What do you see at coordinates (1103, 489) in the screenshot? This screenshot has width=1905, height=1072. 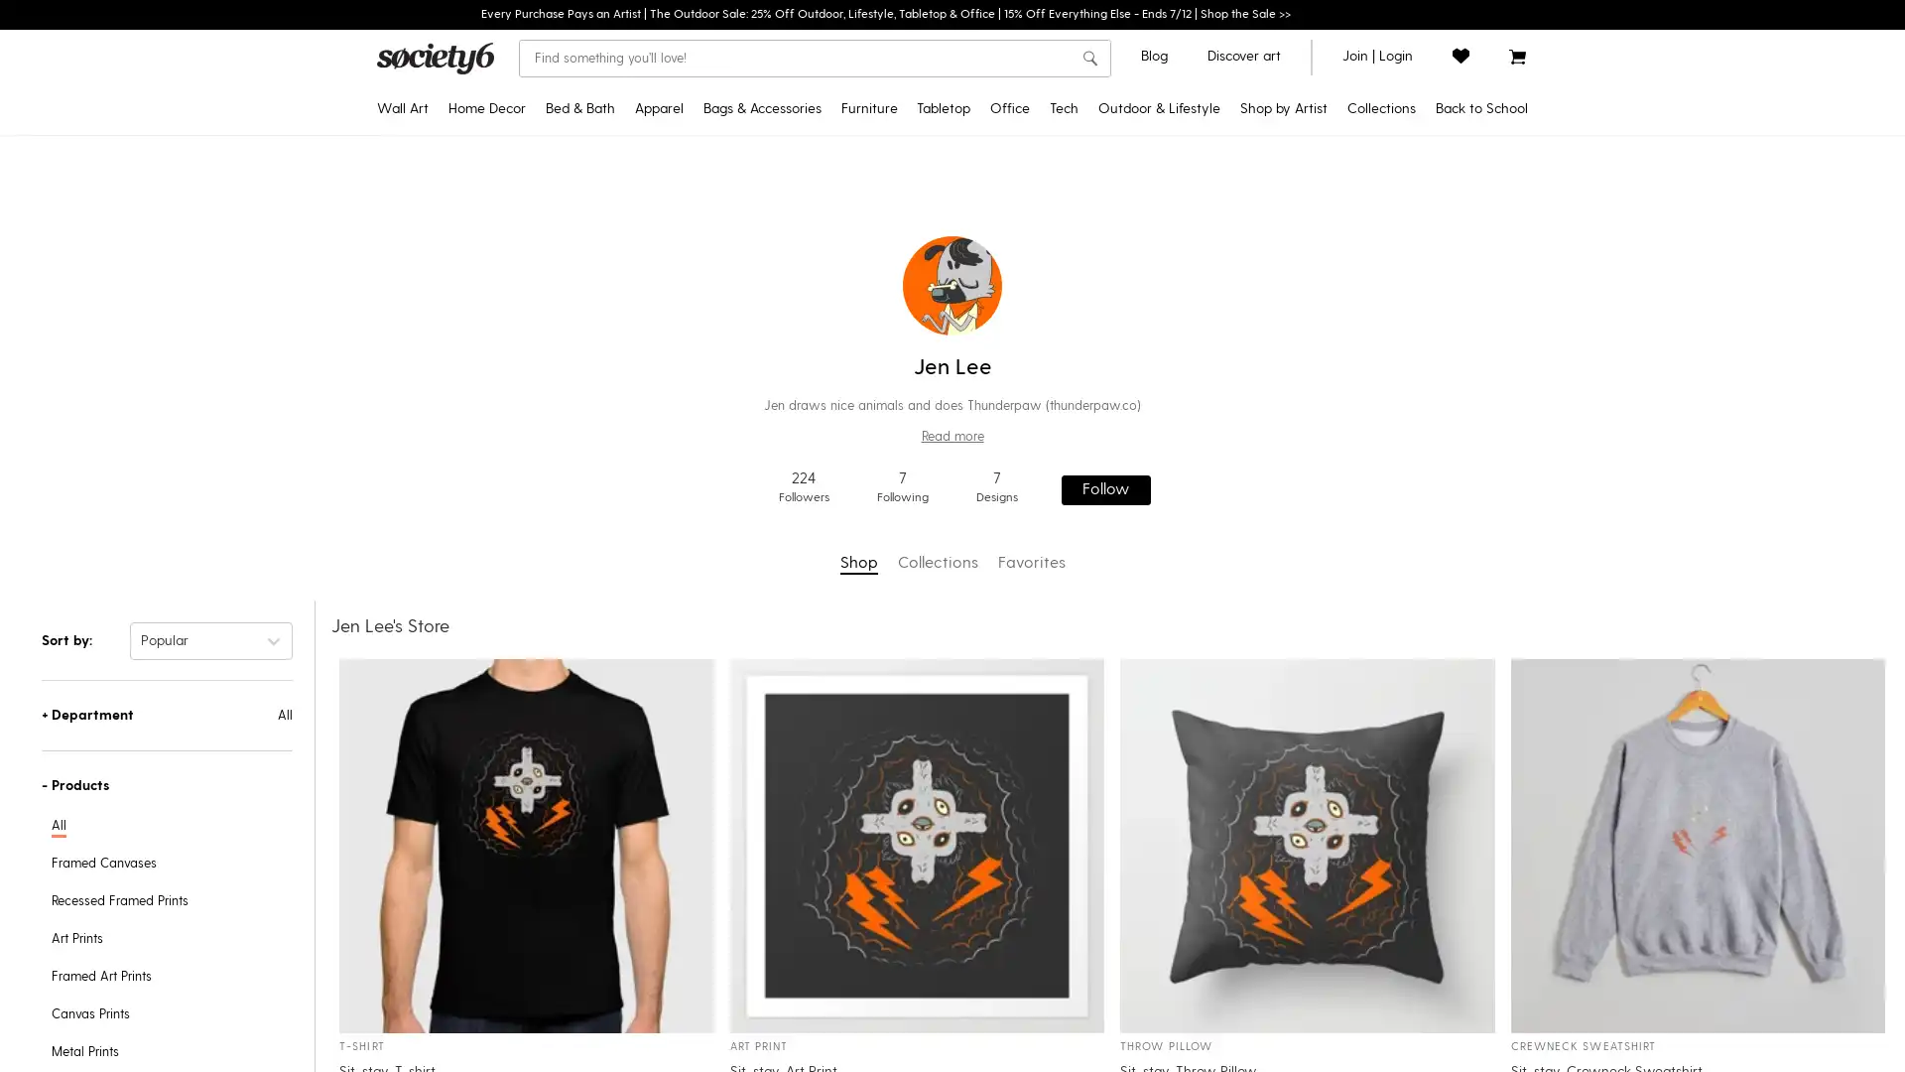 I see `Follow` at bounding box center [1103, 489].